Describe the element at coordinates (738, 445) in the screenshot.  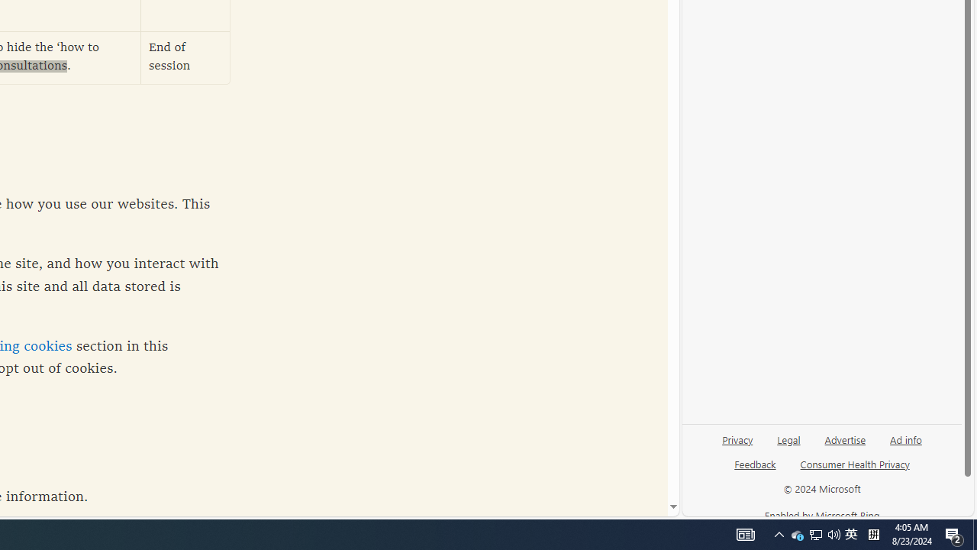
I see `'Privacy'` at that location.